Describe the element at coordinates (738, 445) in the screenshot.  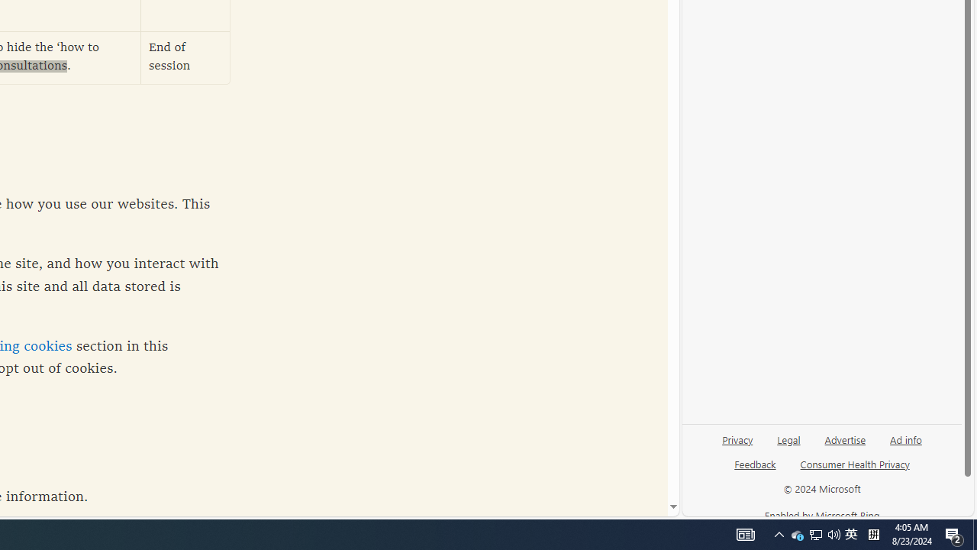
I see `'Privacy'` at that location.